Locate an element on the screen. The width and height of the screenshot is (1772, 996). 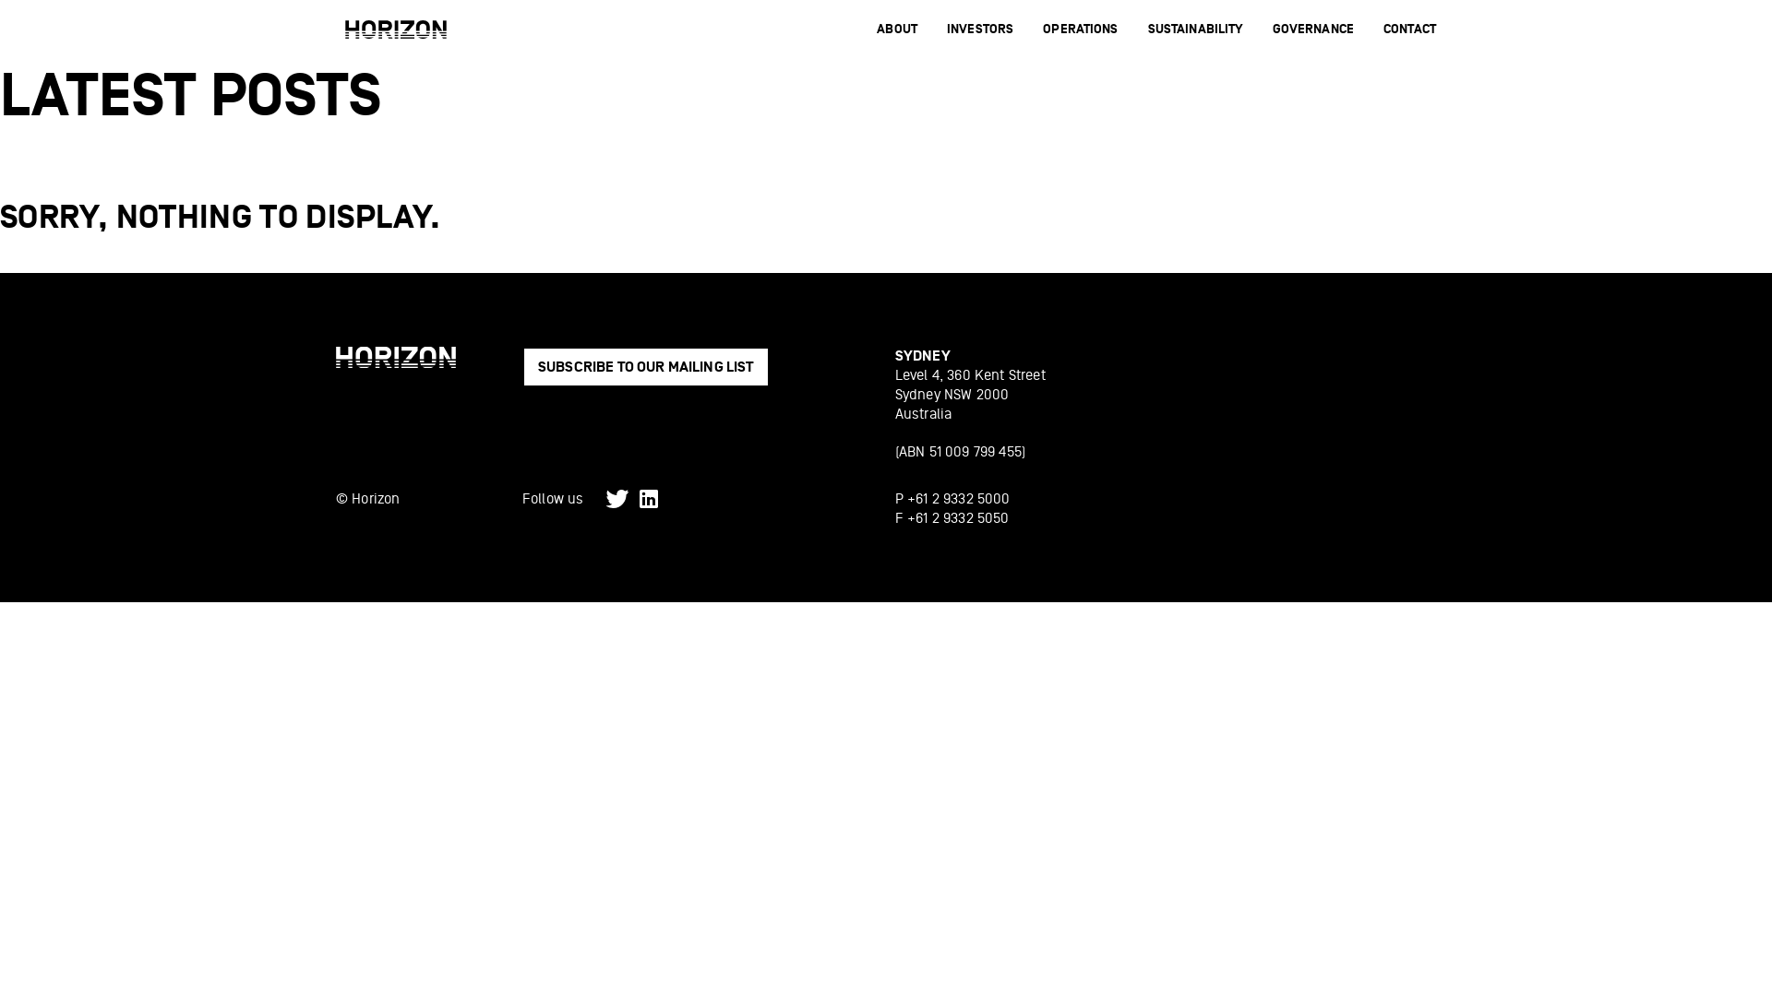
'Twitter' is located at coordinates (617, 498).